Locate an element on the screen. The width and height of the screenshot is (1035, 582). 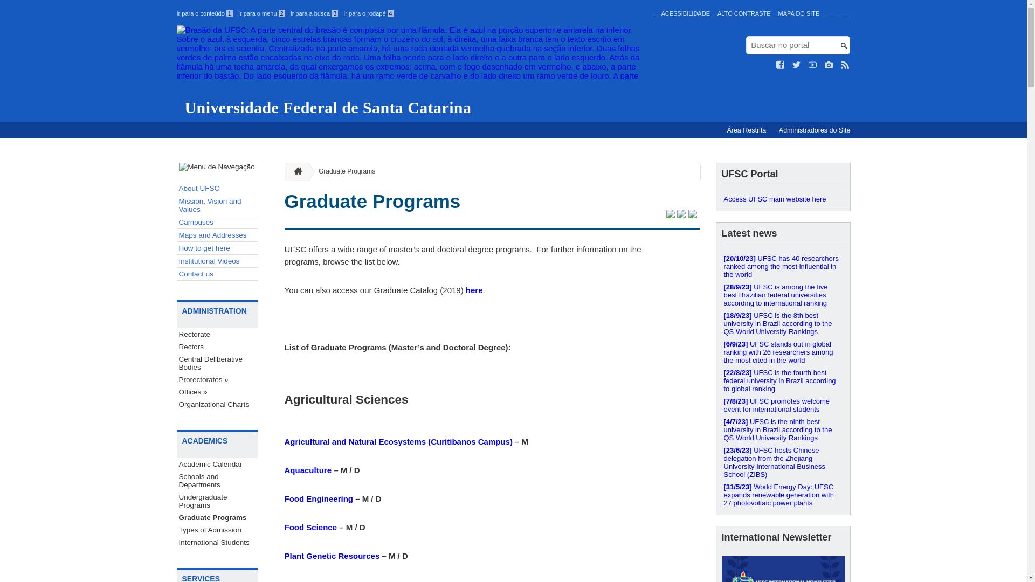
'How to get here' is located at coordinates (217, 248).